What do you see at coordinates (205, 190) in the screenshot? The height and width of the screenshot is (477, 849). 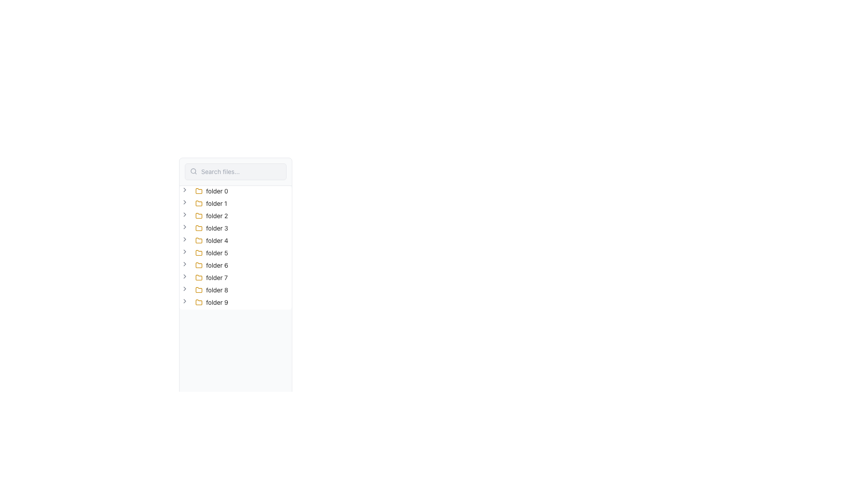 I see `the first collapsible folder item in the tree view, which has a yellow folder icon and the text 'folder 0'` at bounding box center [205, 190].